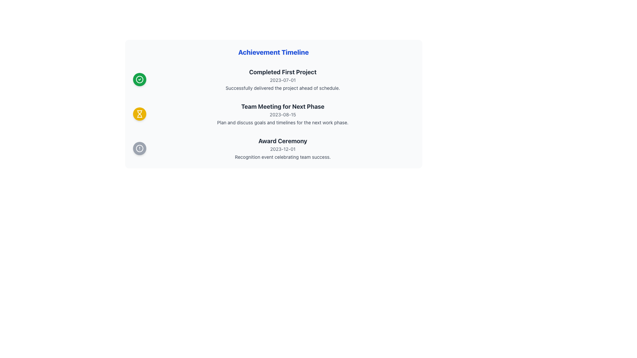 The image size is (637, 358). Describe the element at coordinates (283, 88) in the screenshot. I see `the descriptive text element located below '2023-07-01' and above 'Team Meeting for Next Phase'` at that location.